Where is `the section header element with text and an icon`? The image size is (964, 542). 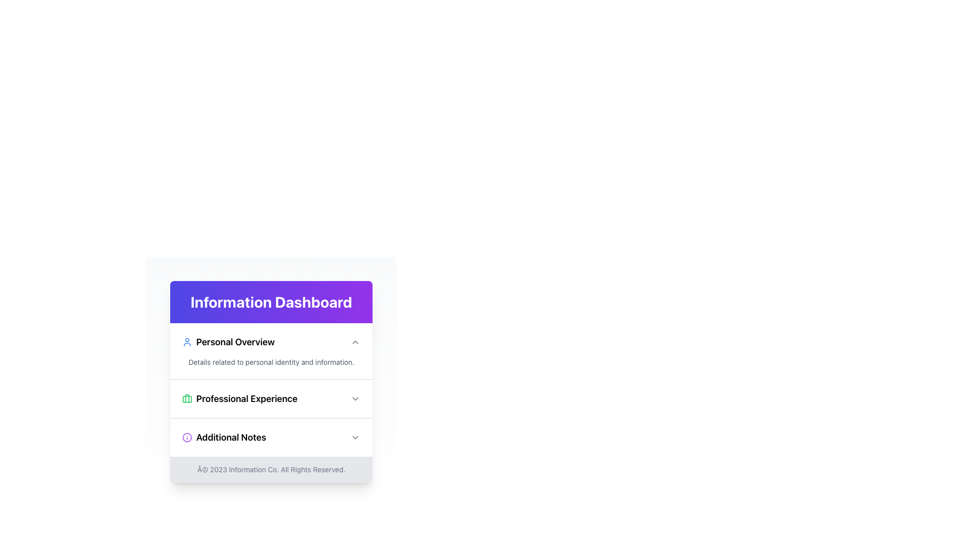
the section header element with text and an icon is located at coordinates (228, 342).